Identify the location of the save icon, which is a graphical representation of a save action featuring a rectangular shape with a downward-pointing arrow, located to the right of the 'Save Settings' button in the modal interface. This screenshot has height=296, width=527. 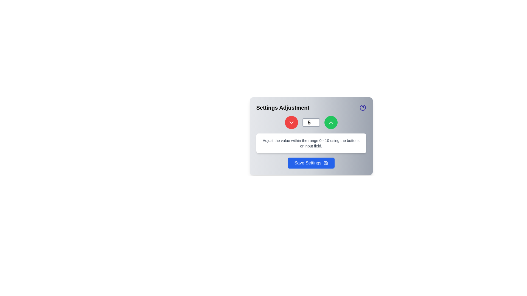
(326, 163).